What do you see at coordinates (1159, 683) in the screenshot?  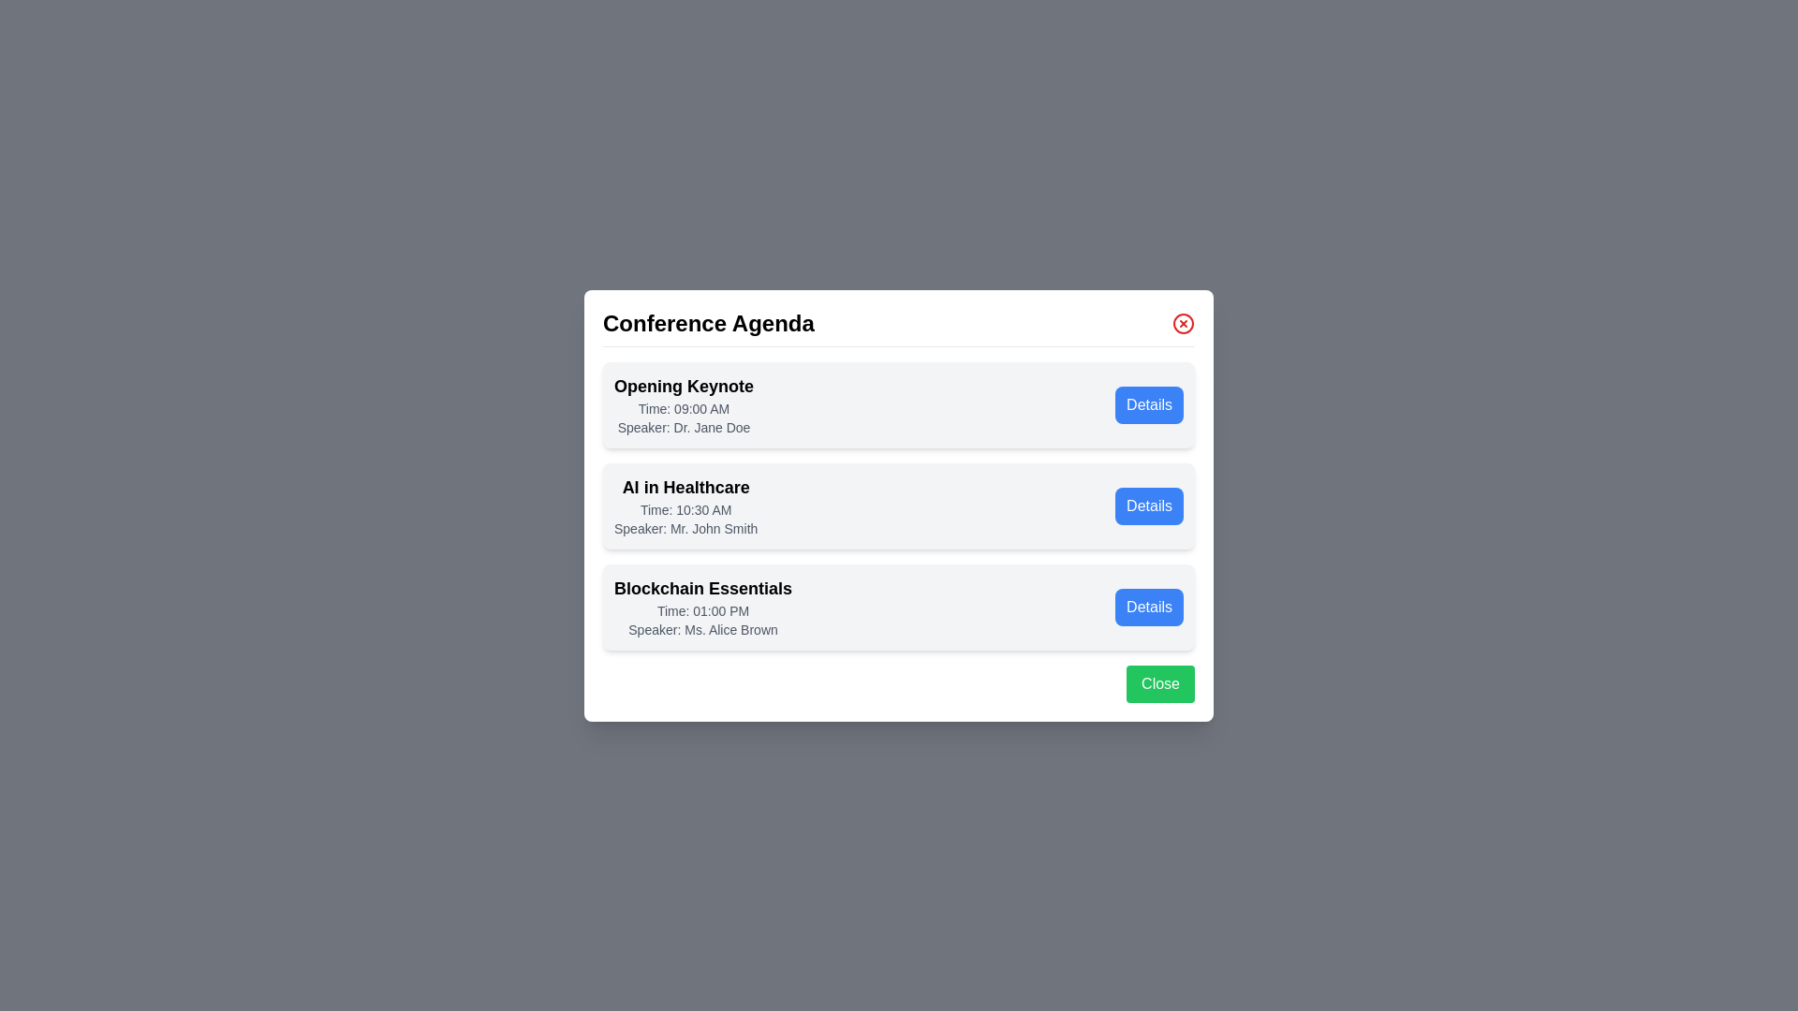 I see `the 'Close' button at the bottom right of the dialog` at bounding box center [1159, 683].